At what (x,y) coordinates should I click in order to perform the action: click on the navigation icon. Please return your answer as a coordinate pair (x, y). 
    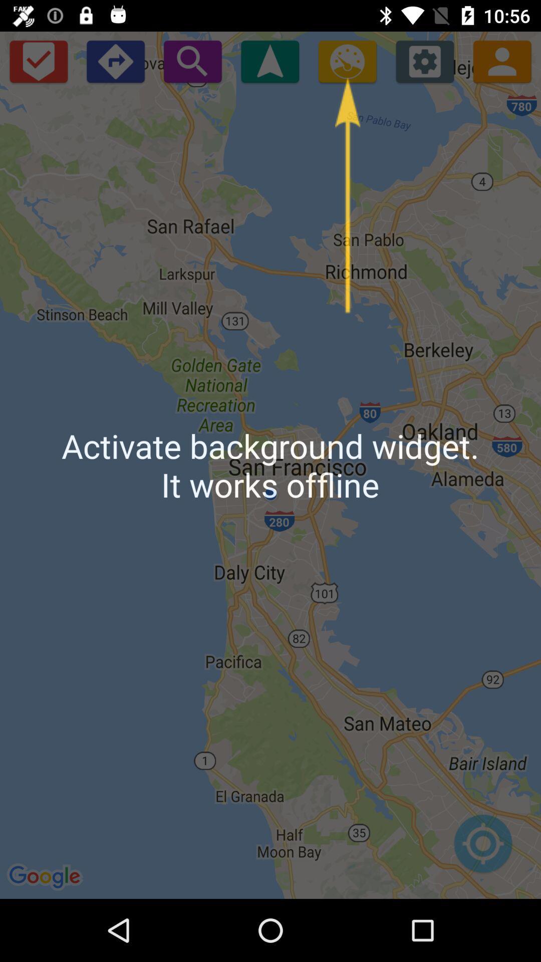
    Looking at the image, I should click on (269, 61).